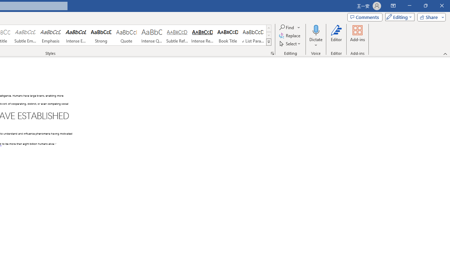 The image size is (450, 253). I want to click on 'Intense Reference', so click(202, 35).